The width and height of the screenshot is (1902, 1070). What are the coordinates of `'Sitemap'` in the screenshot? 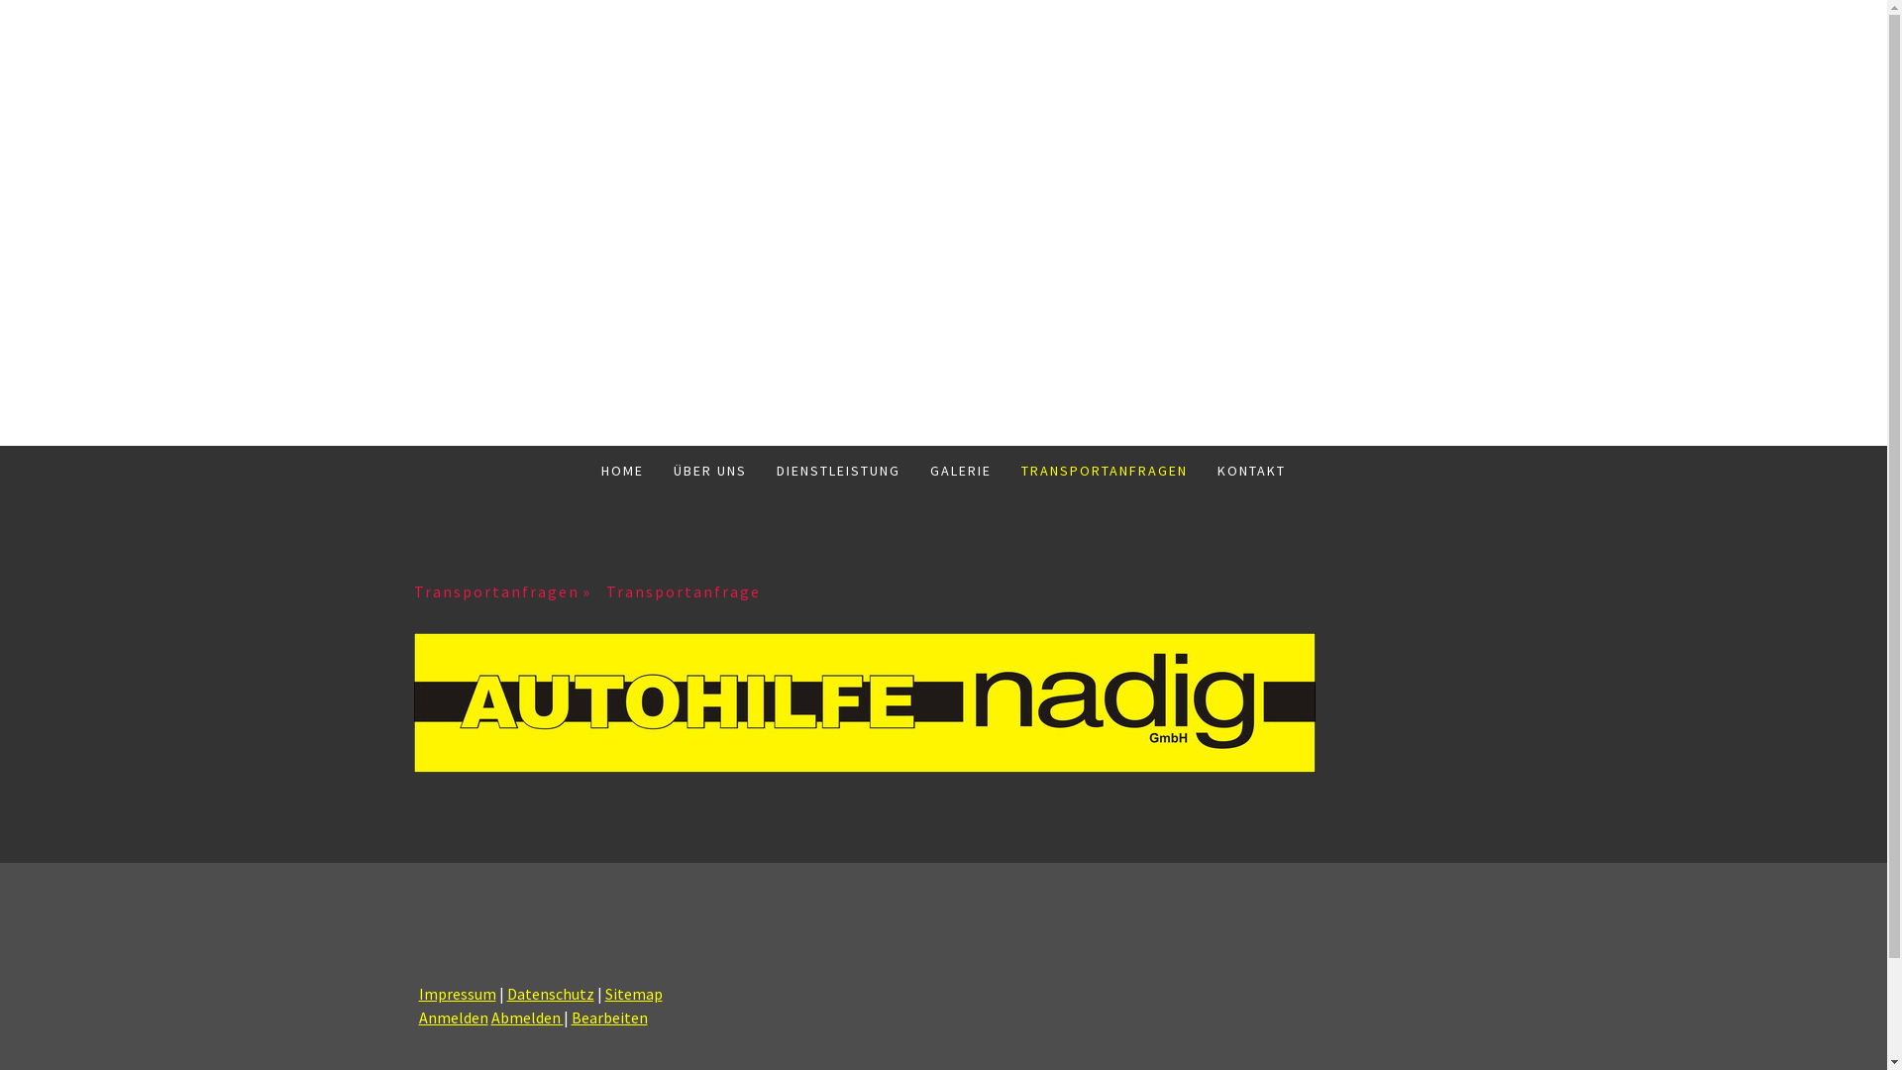 It's located at (631, 993).